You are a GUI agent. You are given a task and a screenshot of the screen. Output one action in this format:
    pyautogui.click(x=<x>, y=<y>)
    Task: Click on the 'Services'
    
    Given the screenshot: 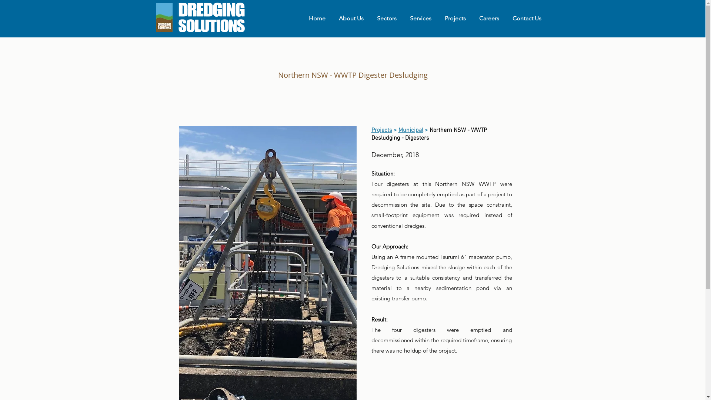 What is the action you would take?
    pyautogui.click(x=423, y=18)
    